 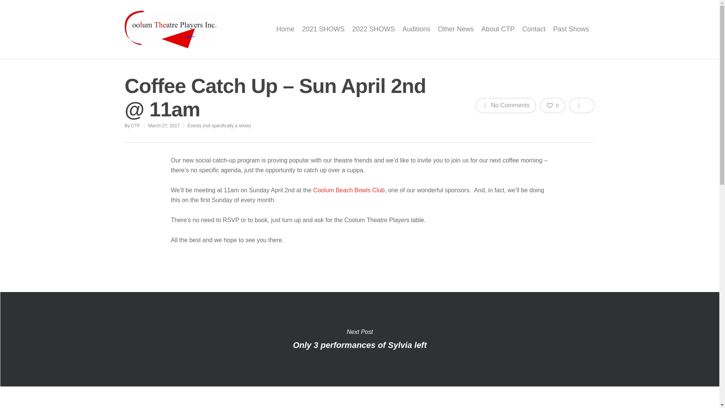 What do you see at coordinates (455, 34) in the screenshot?
I see `'Other News'` at bounding box center [455, 34].